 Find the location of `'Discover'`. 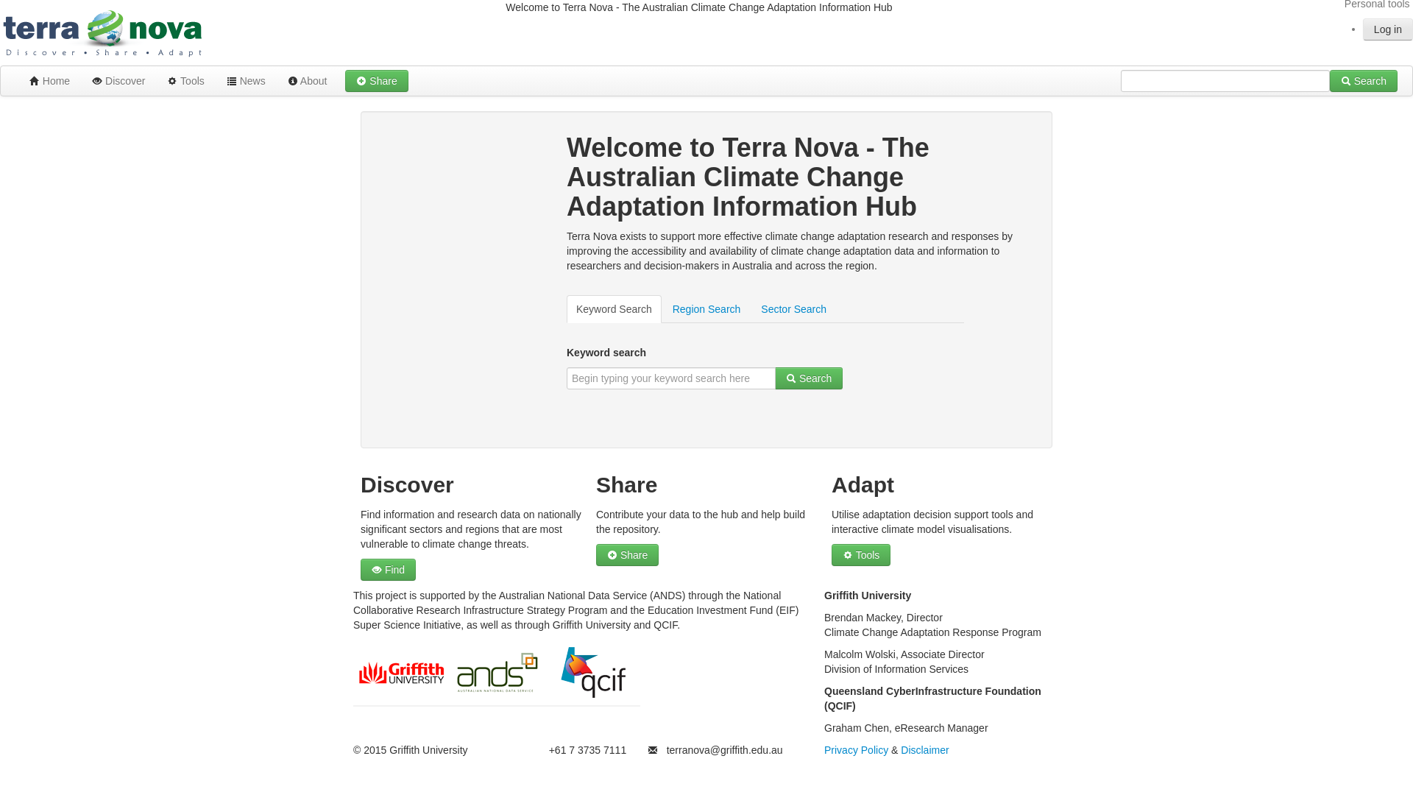

'Discover' is located at coordinates (118, 81).